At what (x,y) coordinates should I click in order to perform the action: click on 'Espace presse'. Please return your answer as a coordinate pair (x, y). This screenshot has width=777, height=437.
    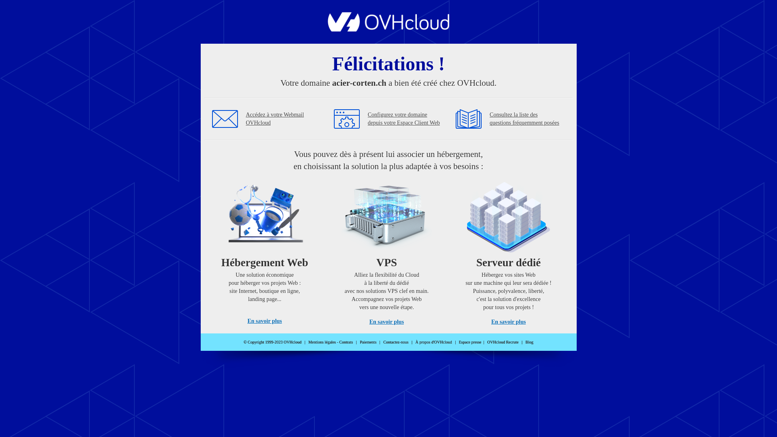
    Looking at the image, I should click on (470, 342).